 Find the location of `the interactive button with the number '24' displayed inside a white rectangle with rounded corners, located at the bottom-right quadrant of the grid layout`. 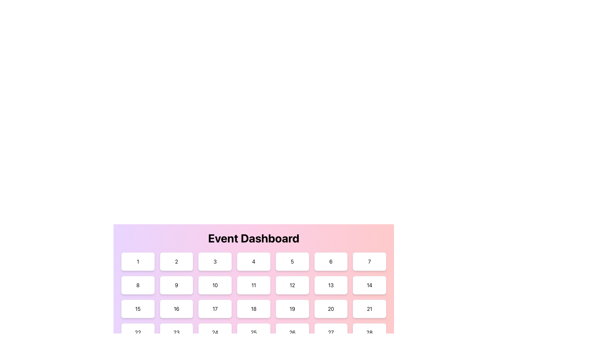

the interactive button with the number '24' displayed inside a white rectangle with rounded corners, located at the bottom-right quadrant of the grid layout is located at coordinates (215, 332).